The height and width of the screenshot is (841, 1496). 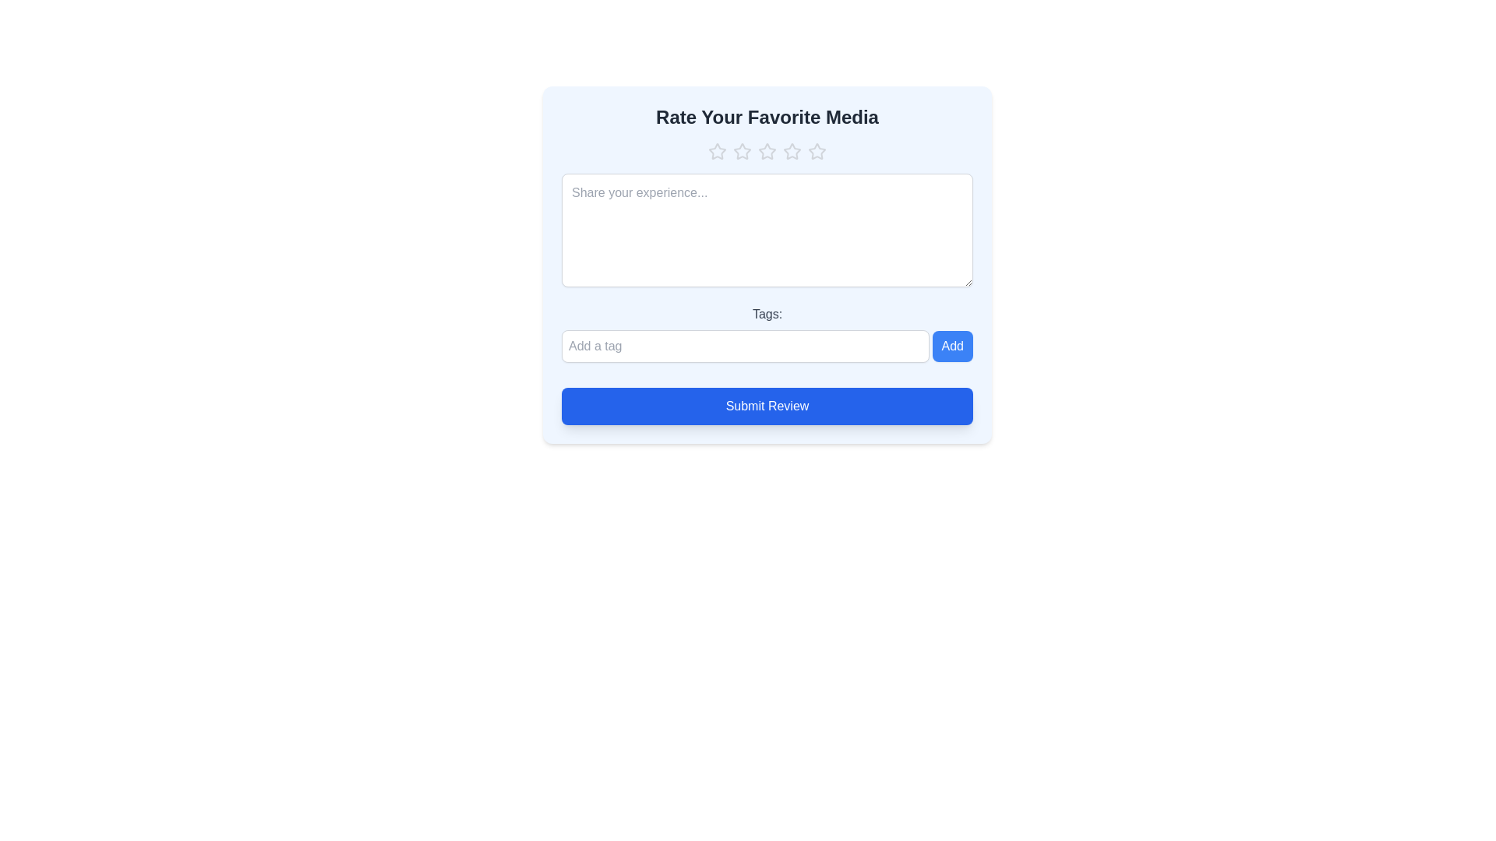 I want to click on the third star icon in the five-star rating system located under the title 'Rate Your Favorite Media', so click(x=792, y=151).